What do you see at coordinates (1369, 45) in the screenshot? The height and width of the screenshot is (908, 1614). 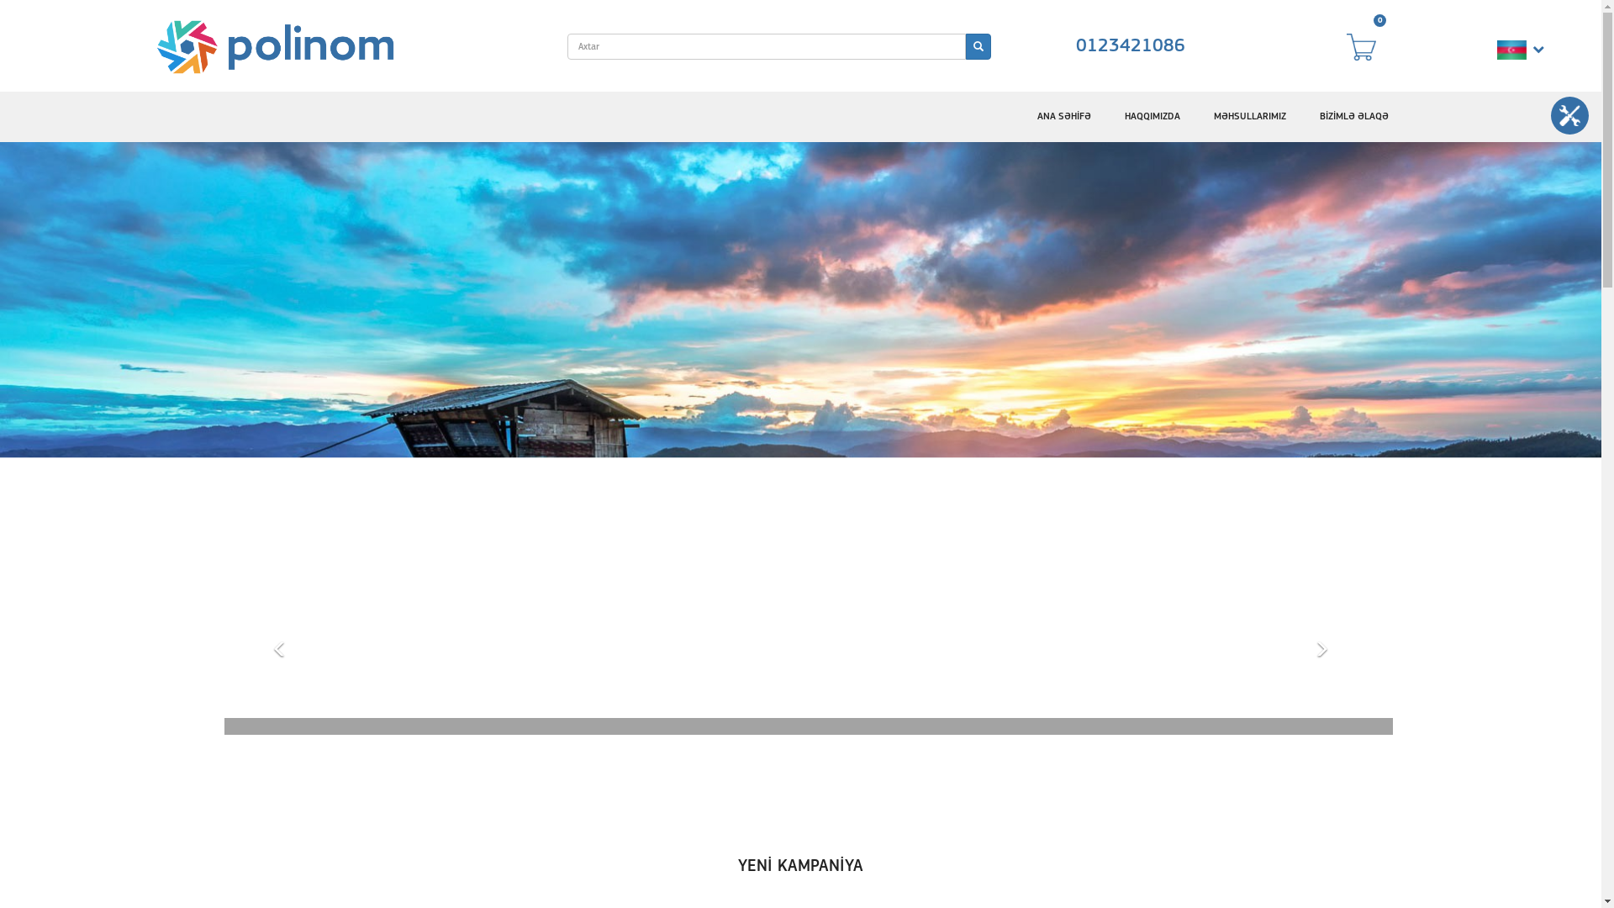 I see `'0'` at bounding box center [1369, 45].